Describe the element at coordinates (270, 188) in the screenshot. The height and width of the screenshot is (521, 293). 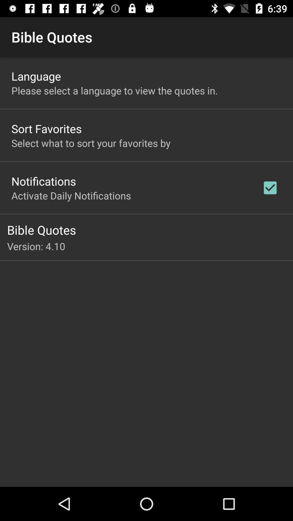
I see `the item above bible quotes icon` at that location.